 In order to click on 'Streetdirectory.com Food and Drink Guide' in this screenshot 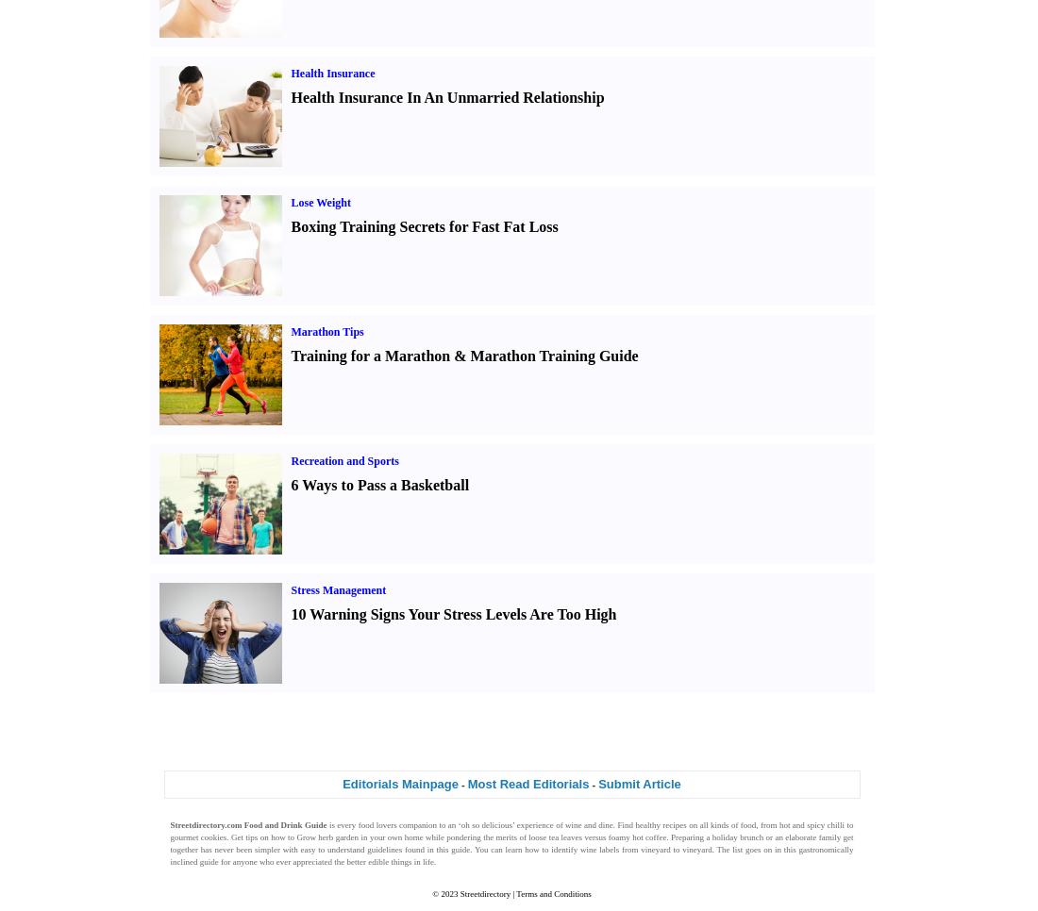, I will do `click(249, 825)`.